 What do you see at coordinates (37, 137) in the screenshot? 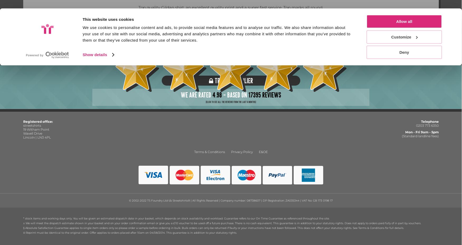
I see `'Lincoln | LN3 4PL'` at bounding box center [37, 137].